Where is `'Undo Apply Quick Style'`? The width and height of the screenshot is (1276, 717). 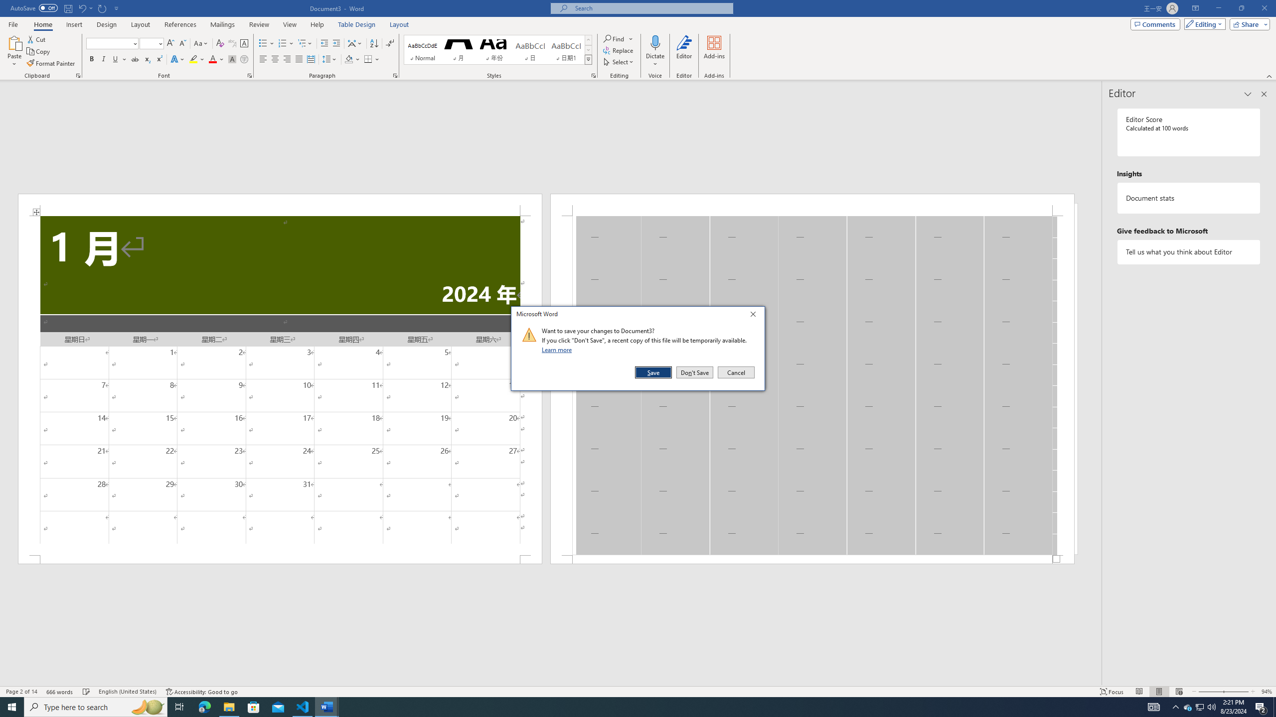 'Undo Apply Quick Style' is located at coordinates (85, 7).